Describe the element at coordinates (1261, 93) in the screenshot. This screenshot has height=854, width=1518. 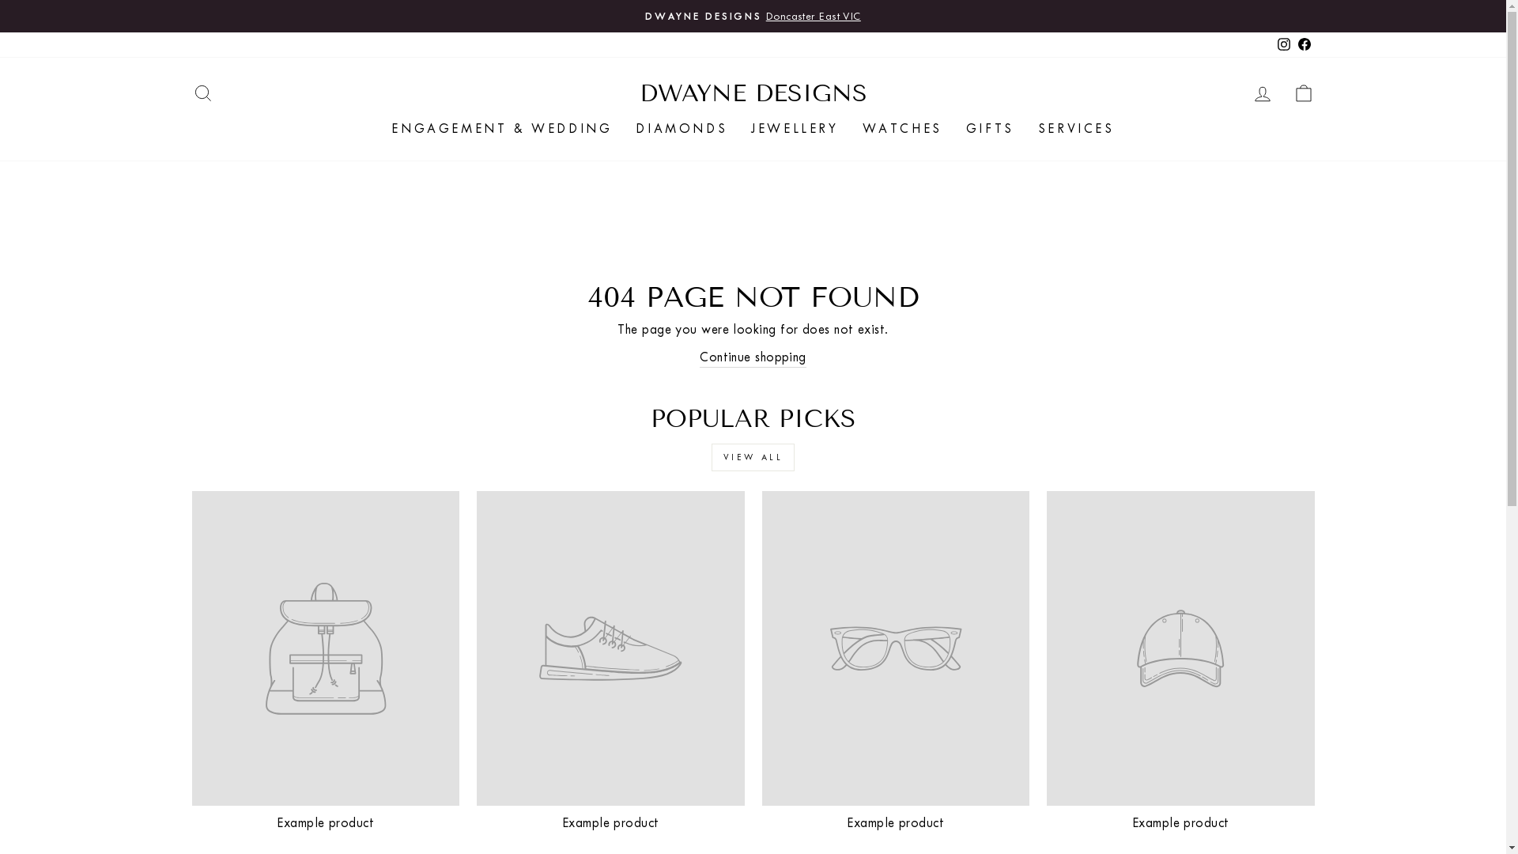
I see `'LOG IN'` at that location.